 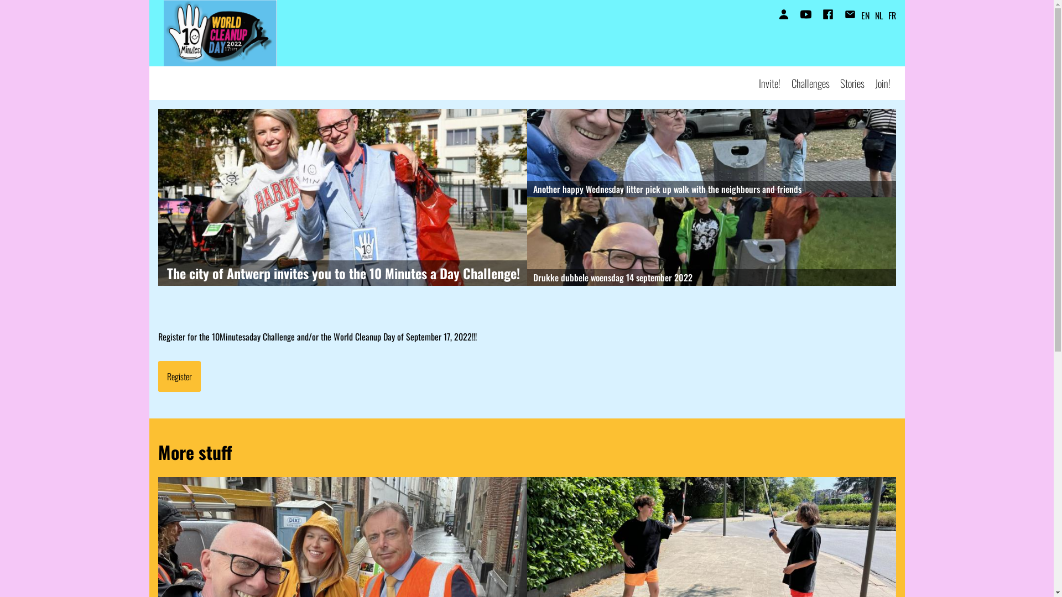 I want to click on 'Challenges', so click(x=810, y=82).